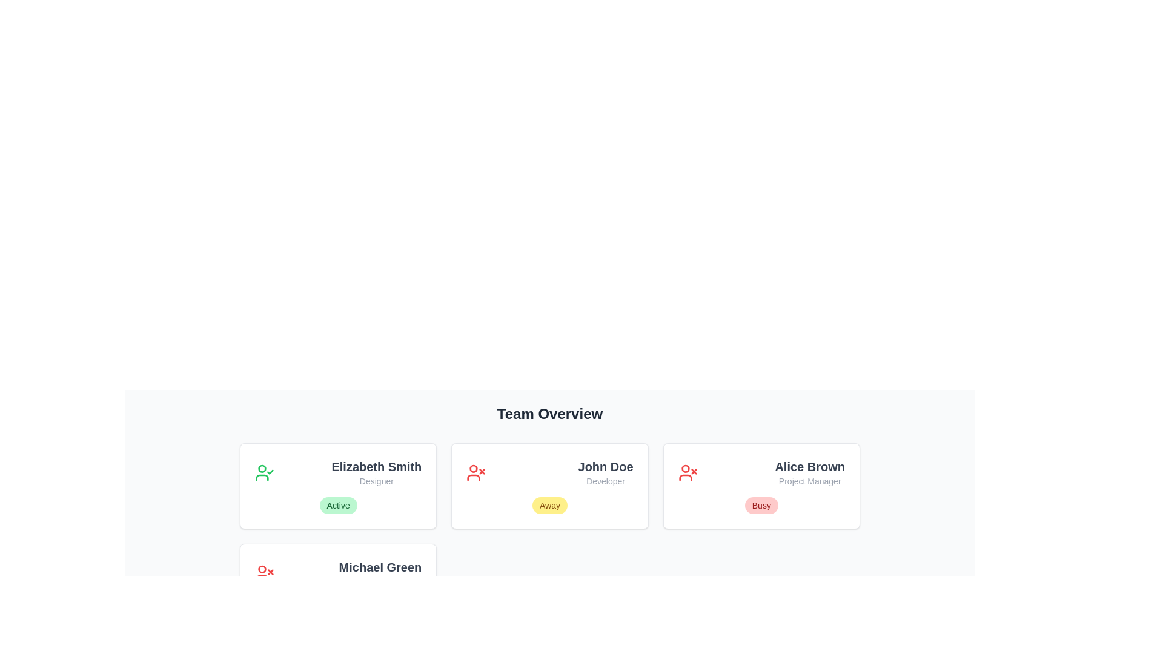 Image resolution: width=1163 pixels, height=654 pixels. Describe the element at coordinates (606, 480) in the screenshot. I see `the text label displaying 'Developer' located within John Doe's profile card, positioned below the name 'John Doe' in the Team Overview layout` at that location.